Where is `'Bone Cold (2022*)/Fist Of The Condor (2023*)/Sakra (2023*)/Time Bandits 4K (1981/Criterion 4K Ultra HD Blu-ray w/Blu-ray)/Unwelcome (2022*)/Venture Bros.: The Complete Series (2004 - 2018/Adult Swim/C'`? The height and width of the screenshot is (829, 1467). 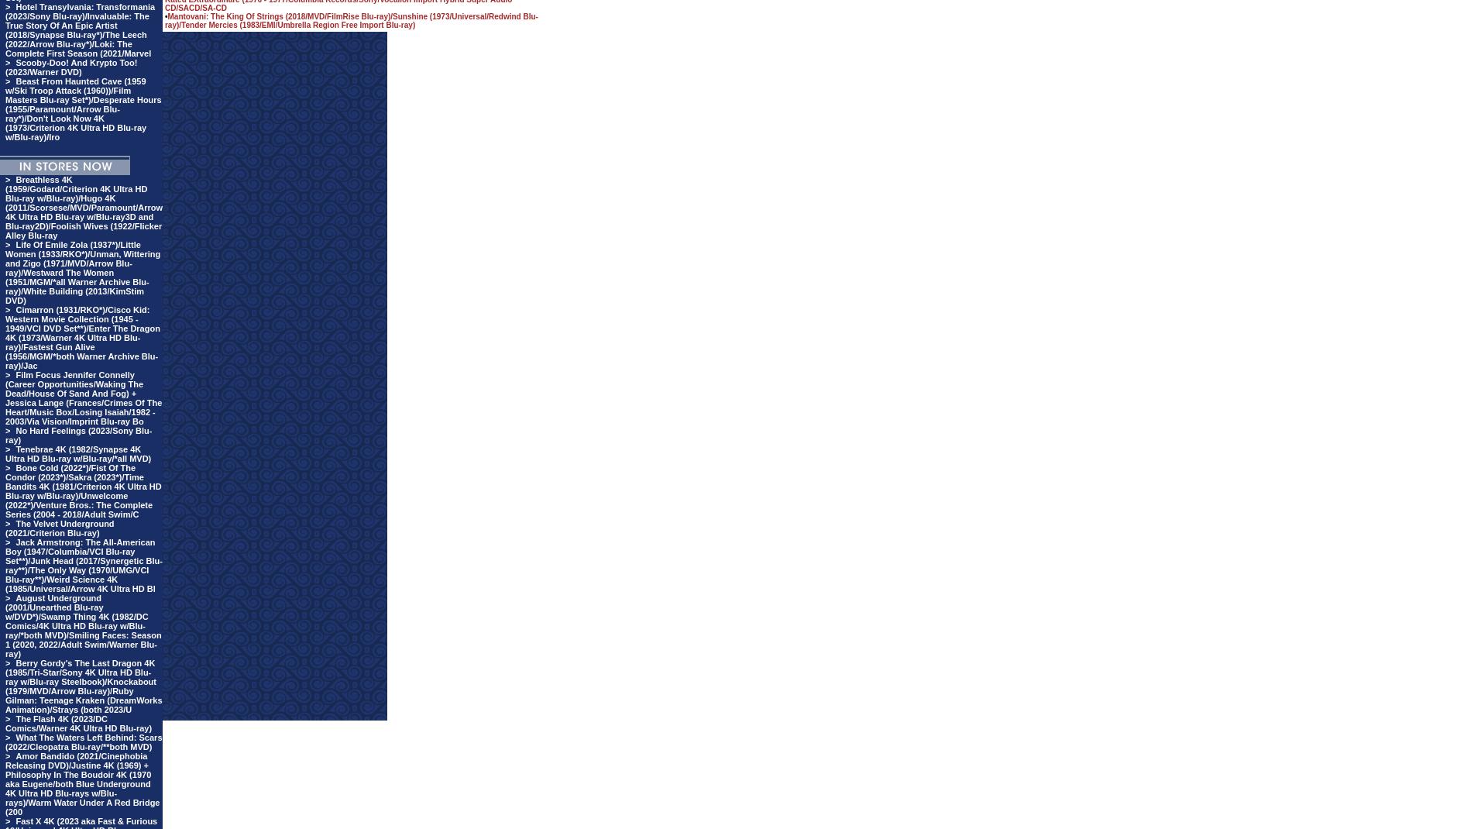
'Bone Cold (2022*)/Fist Of The Condor (2023*)/Sakra (2023*)/Time Bandits 4K (1981/Criterion 4K Ultra HD Blu-ray w/Blu-ray)/Unwelcome (2022*)/Venture Bros.: The Complete Series (2004 - 2018/Adult Swim/C' is located at coordinates (82, 490).